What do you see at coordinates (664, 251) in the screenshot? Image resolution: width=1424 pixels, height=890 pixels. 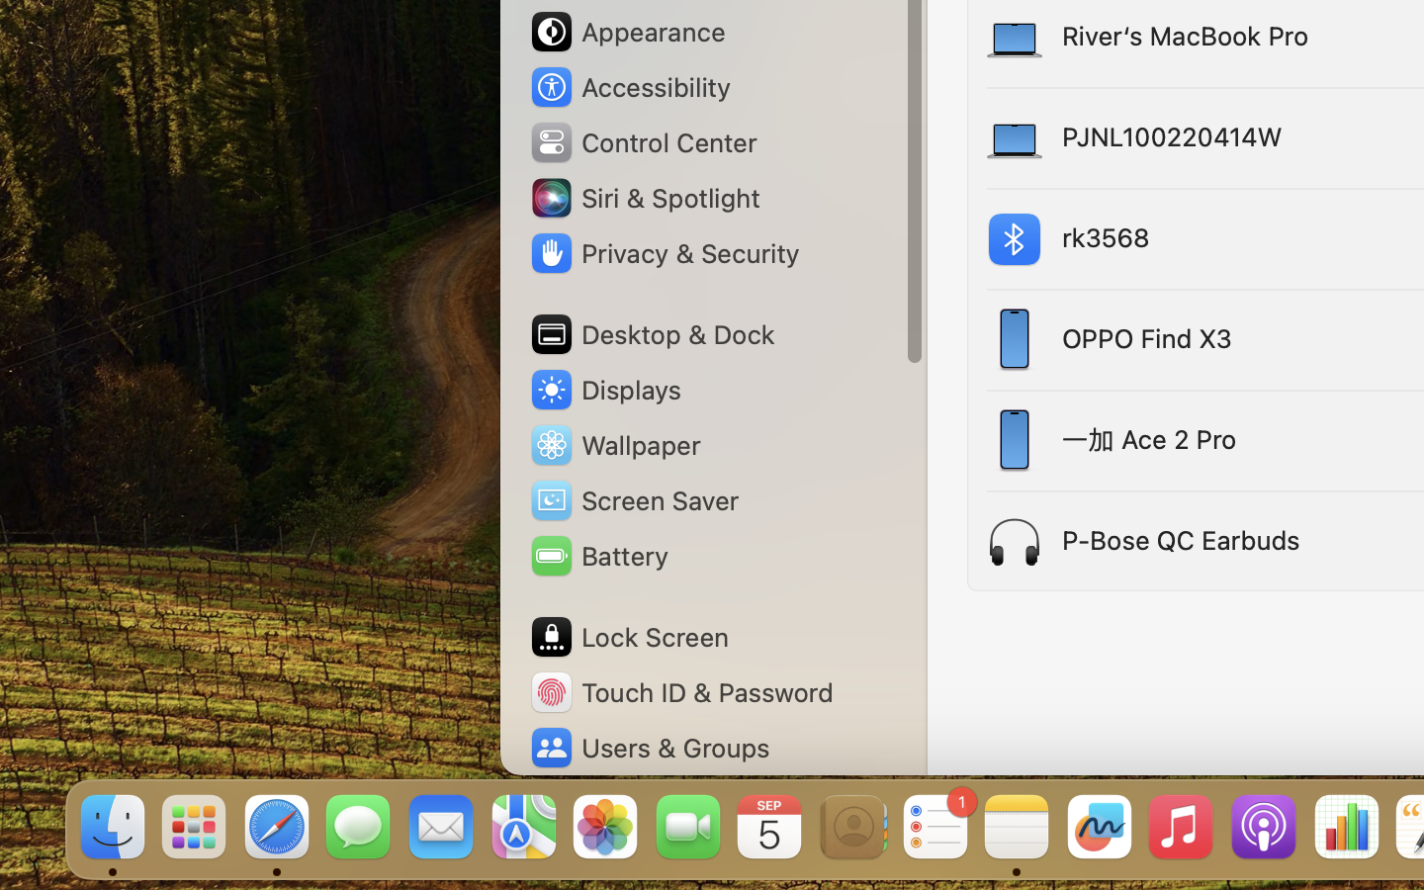 I see `'Privacy & Security'` at bounding box center [664, 251].